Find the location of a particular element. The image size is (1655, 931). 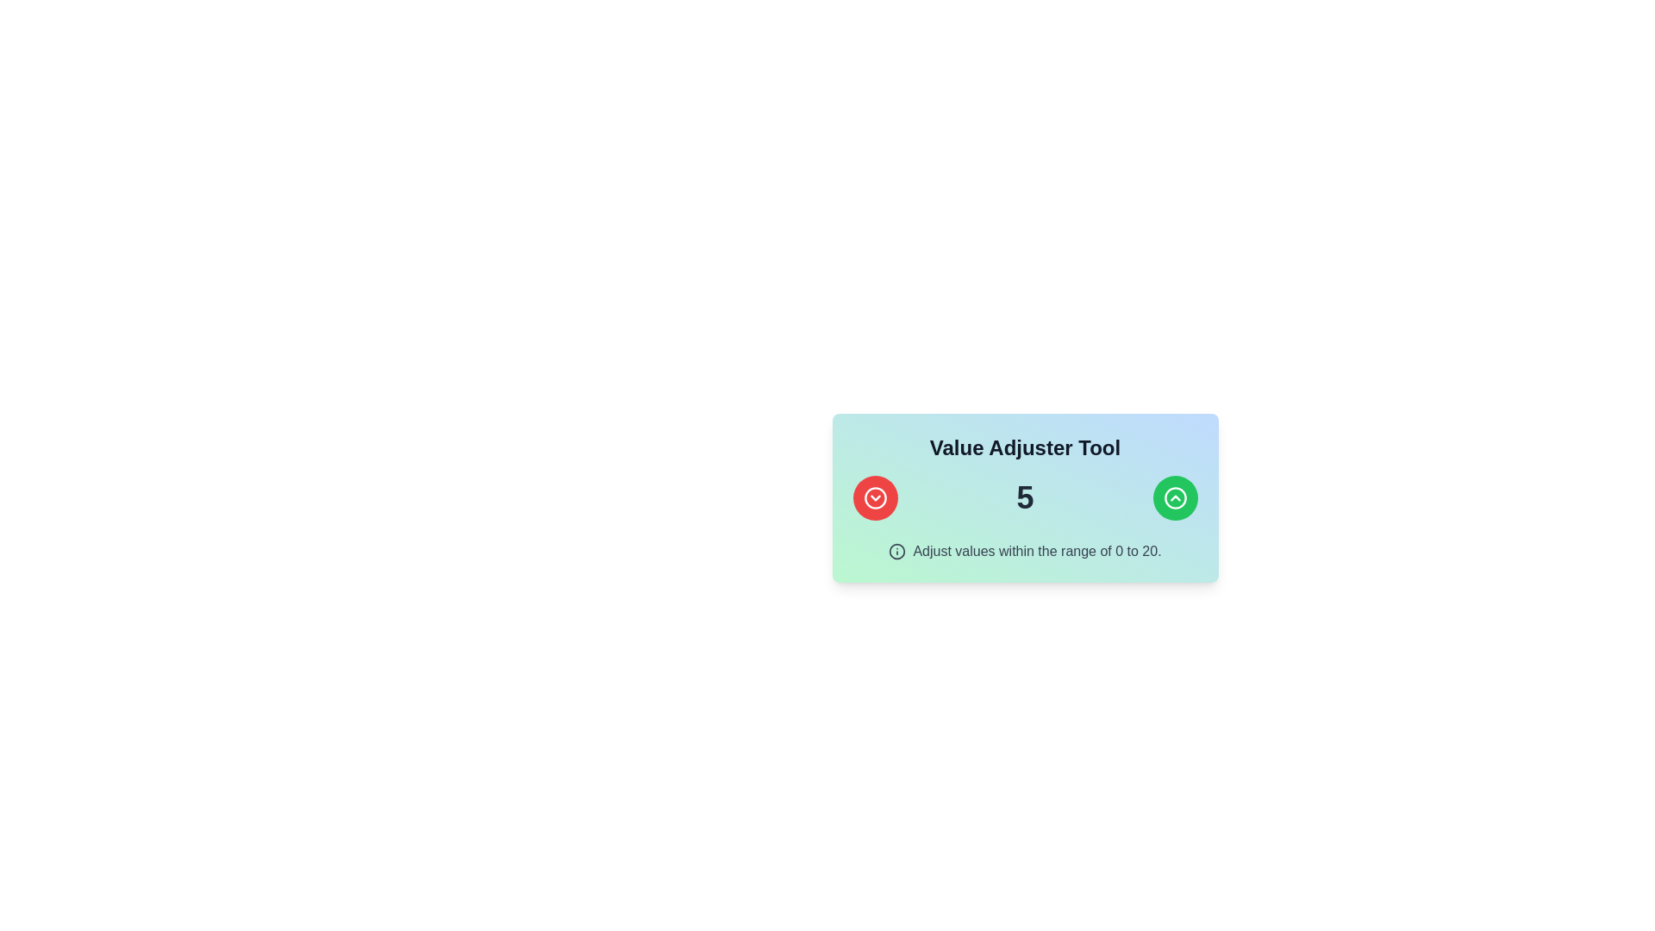

the bold, large font-sized number '5' displayed in dark gray, which is centrally located between a red button with a downwards arrow and a green button with an upwards arrow in the 'Value Adjuster Tool' interface is located at coordinates (1025, 497).